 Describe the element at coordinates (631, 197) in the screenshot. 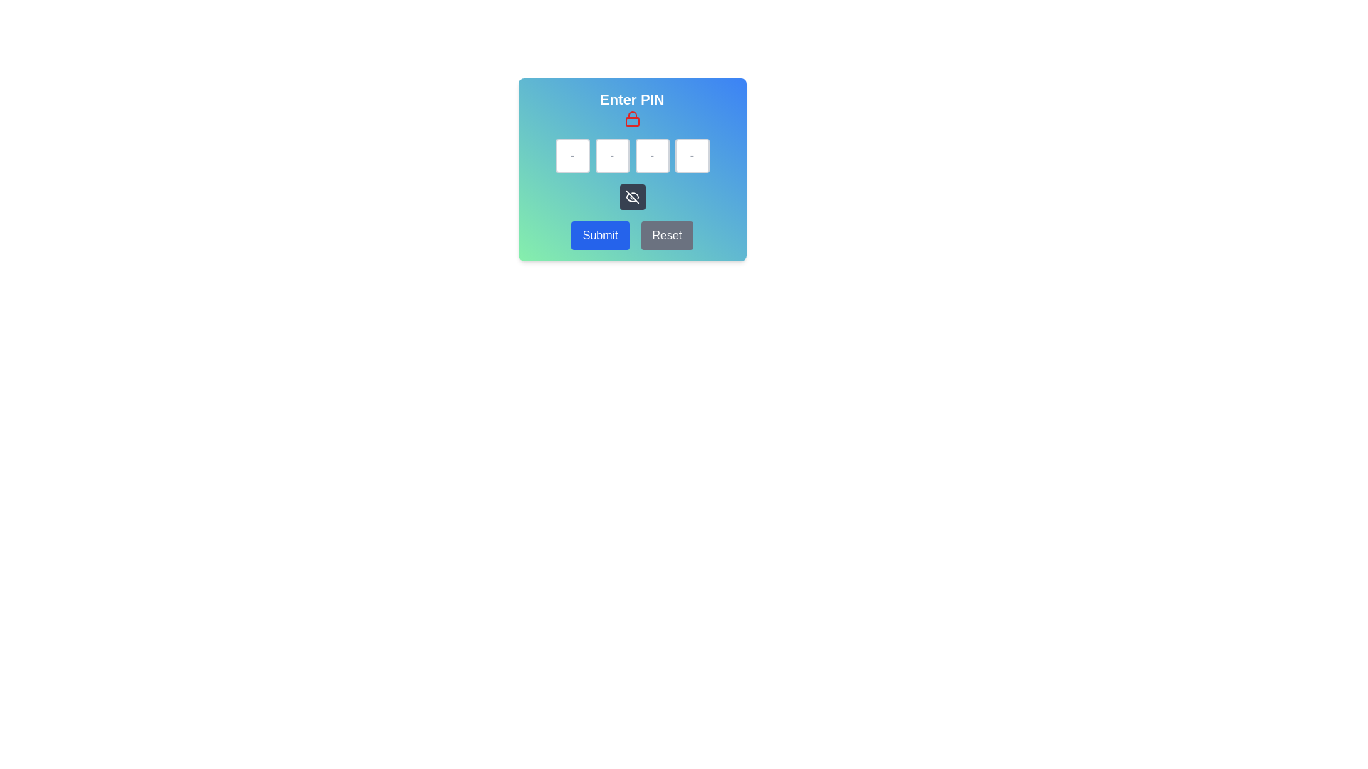

I see `the toggle button that reveals or hides the PIN input fields, located centrally below the PIN input boxes and above the Submit and Reset buttons` at that location.